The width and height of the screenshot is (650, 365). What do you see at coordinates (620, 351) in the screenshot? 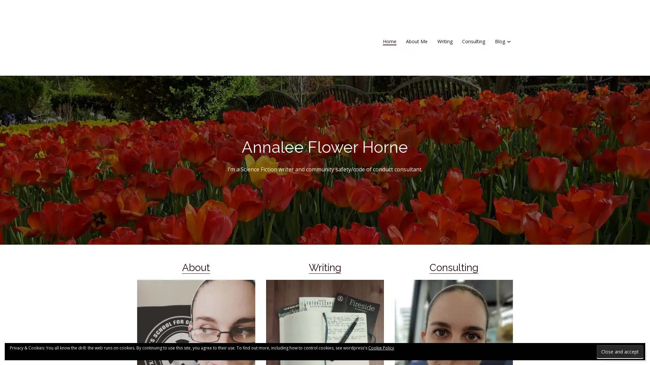
I see `Close and accept` at bounding box center [620, 351].